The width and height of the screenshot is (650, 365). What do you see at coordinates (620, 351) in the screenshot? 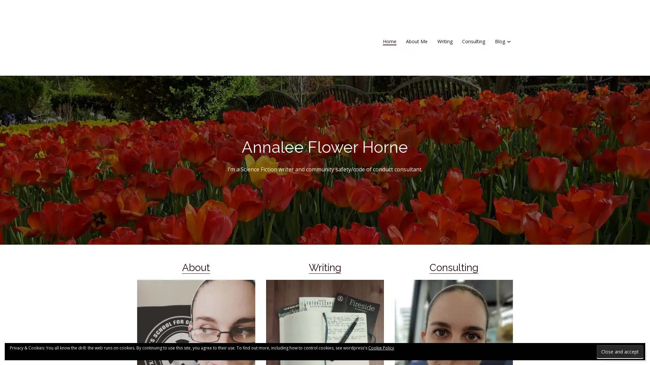
I see `Close and accept` at bounding box center [620, 351].